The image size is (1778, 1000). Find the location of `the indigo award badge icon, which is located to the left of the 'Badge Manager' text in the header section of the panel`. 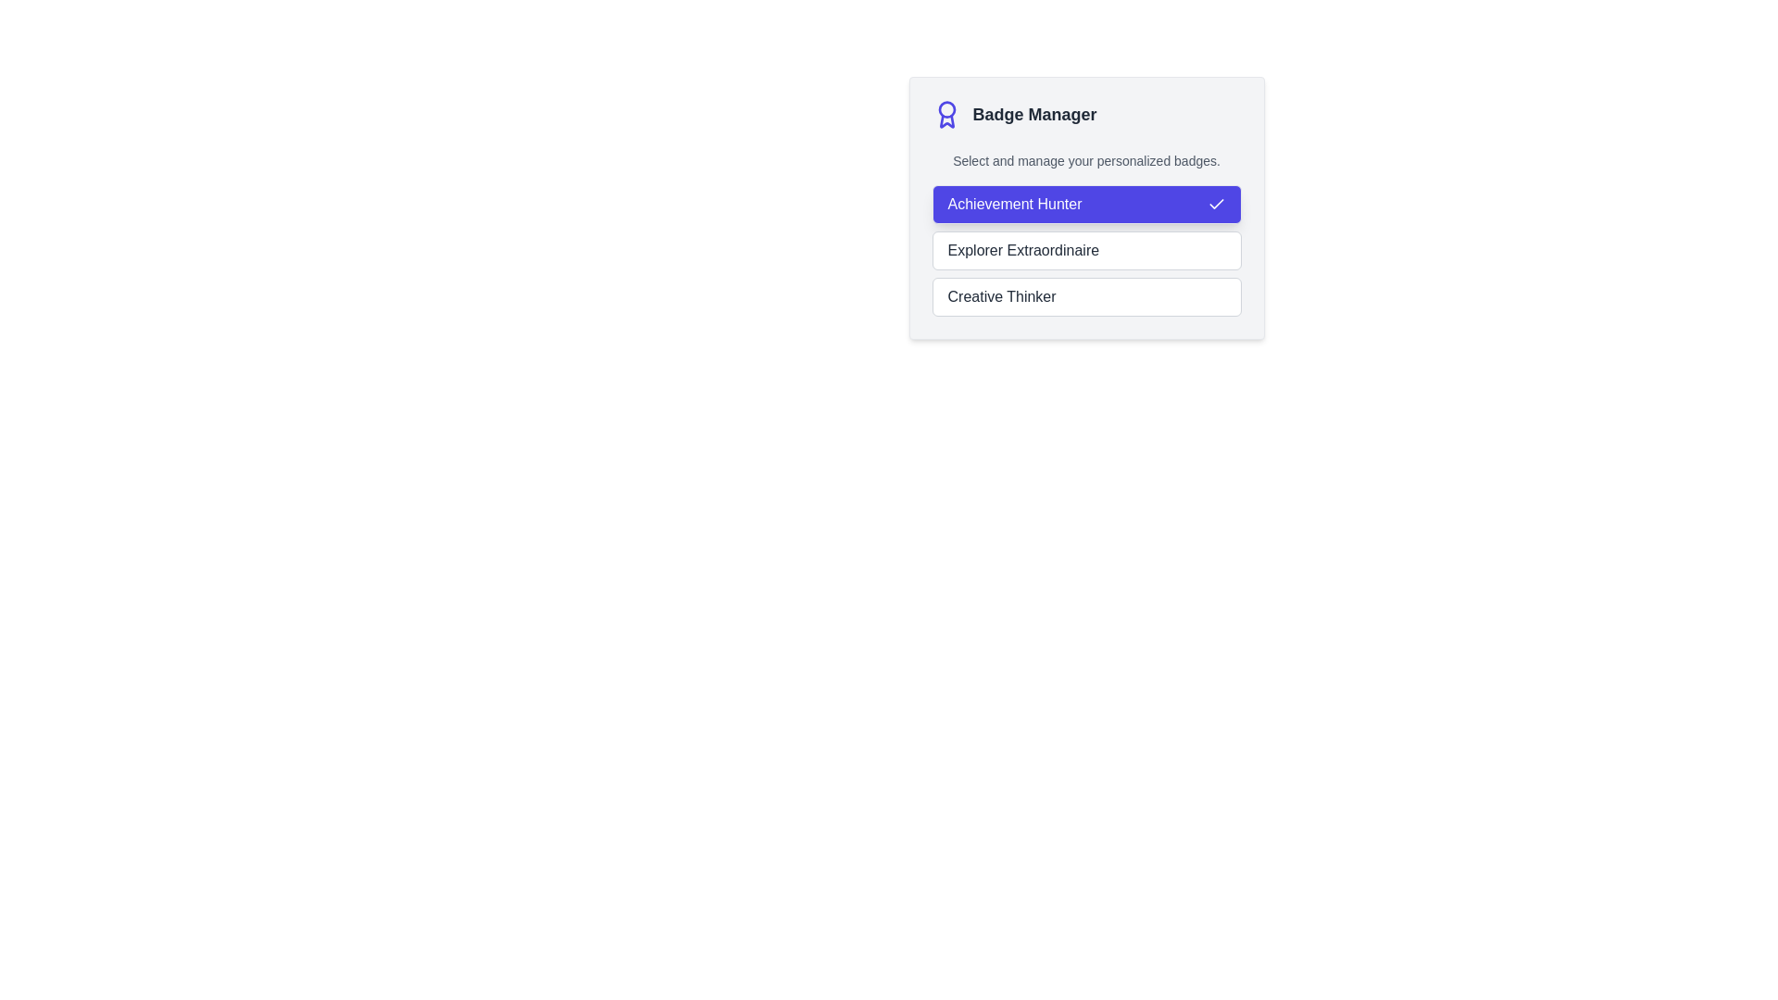

the indigo award badge icon, which is located to the left of the 'Badge Manager' text in the header section of the panel is located at coordinates (946, 114).